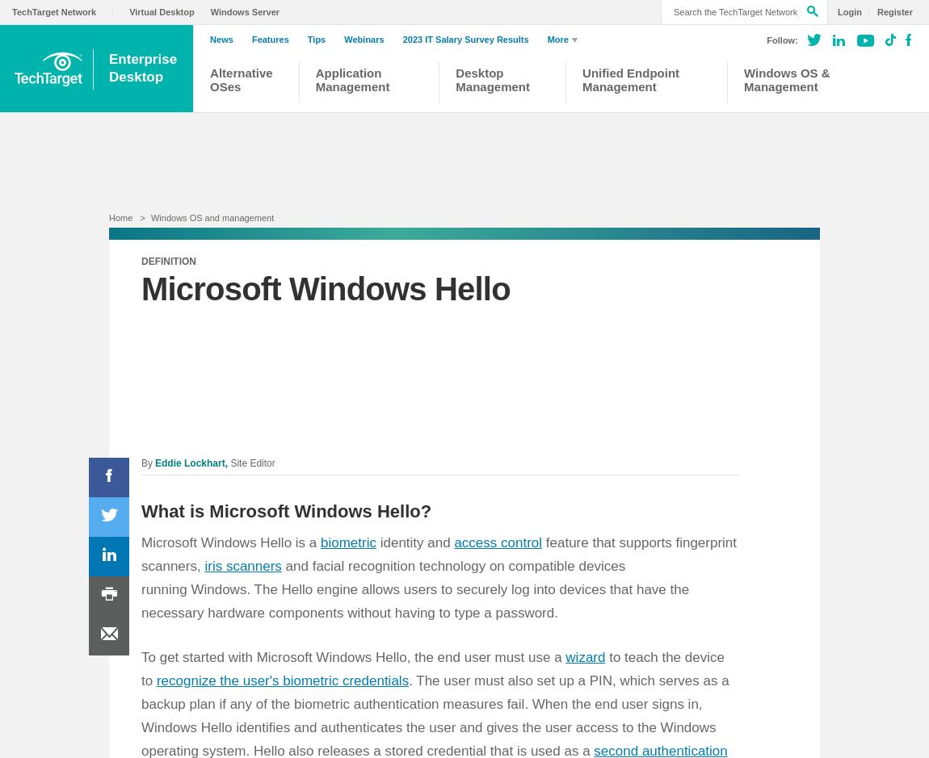  I want to click on 'Webinars', so click(364, 39).